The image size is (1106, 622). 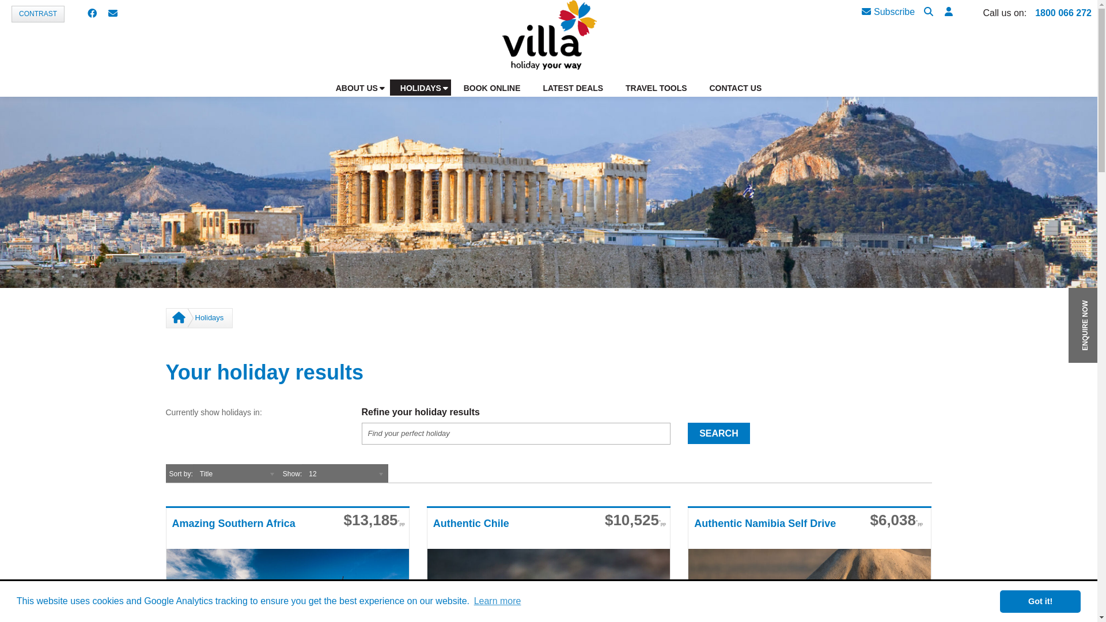 What do you see at coordinates (688, 433) in the screenshot?
I see `'SEARCH'` at bounding box center [688, 433].